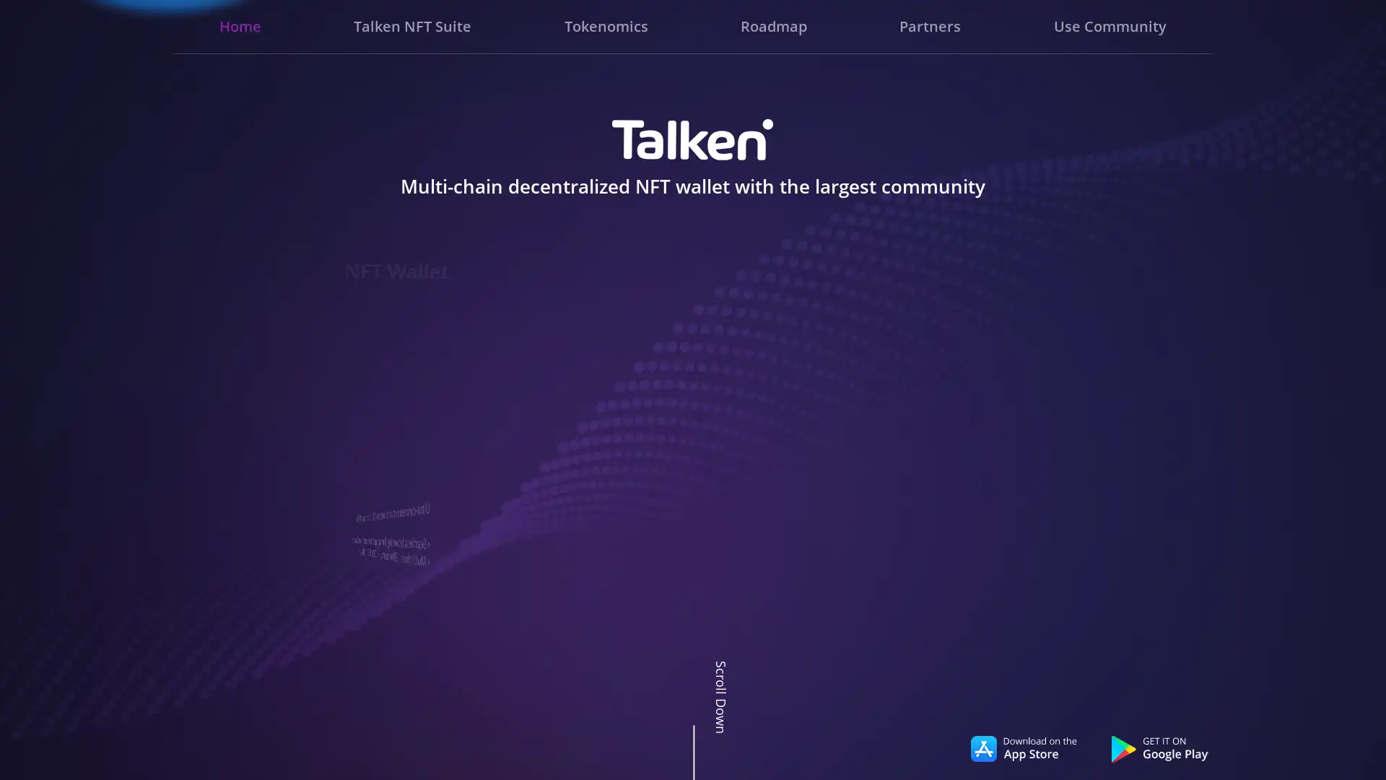 The width and height of the screenshot is (1386, 780). Describe the element at coordinates (225, 612) in the screenshot. I see `Go to slide 1` at that location.